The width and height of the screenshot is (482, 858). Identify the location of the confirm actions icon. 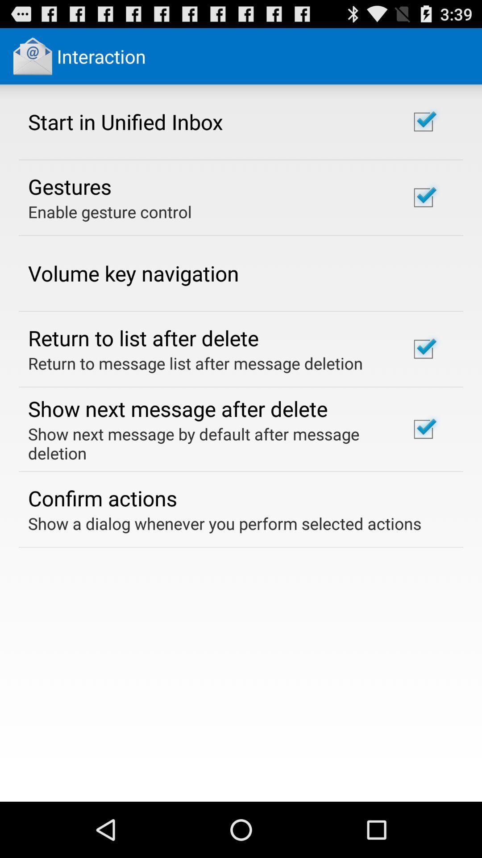
(102, 497).